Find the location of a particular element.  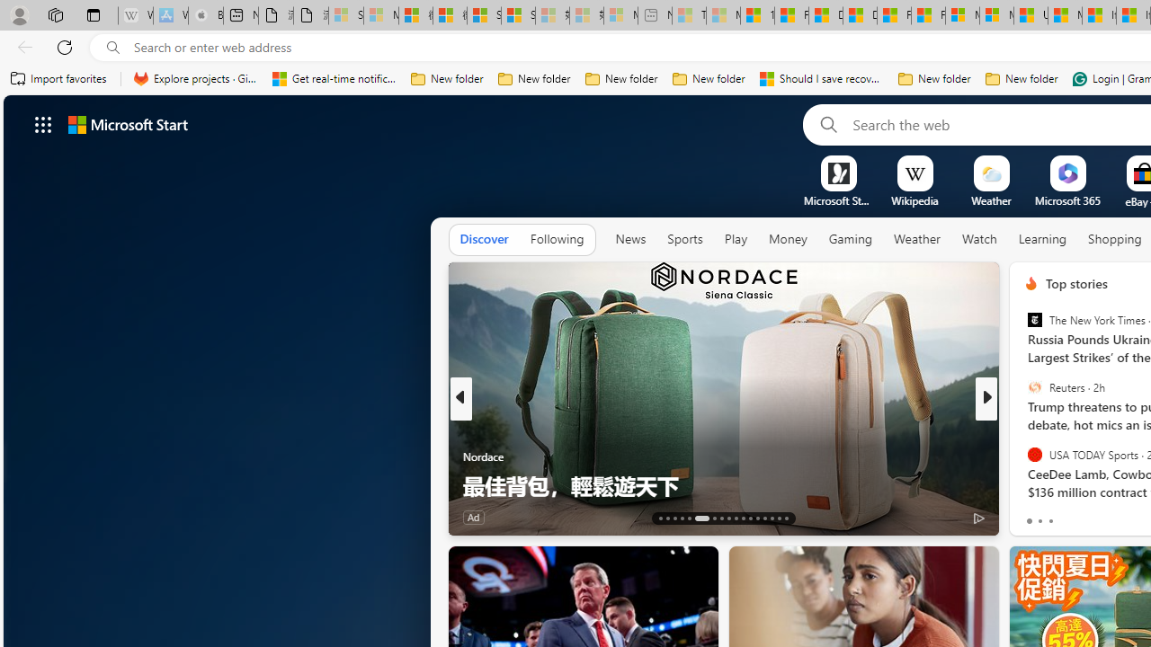

'USA TODAY Sports' is located at coordinates (1034, 453).